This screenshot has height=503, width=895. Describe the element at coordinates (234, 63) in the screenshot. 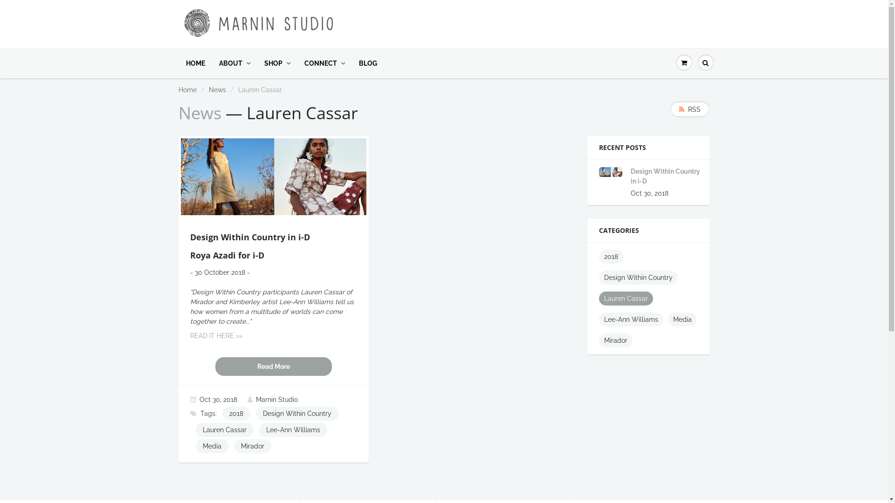

I see `'ABOUT'` at that location.